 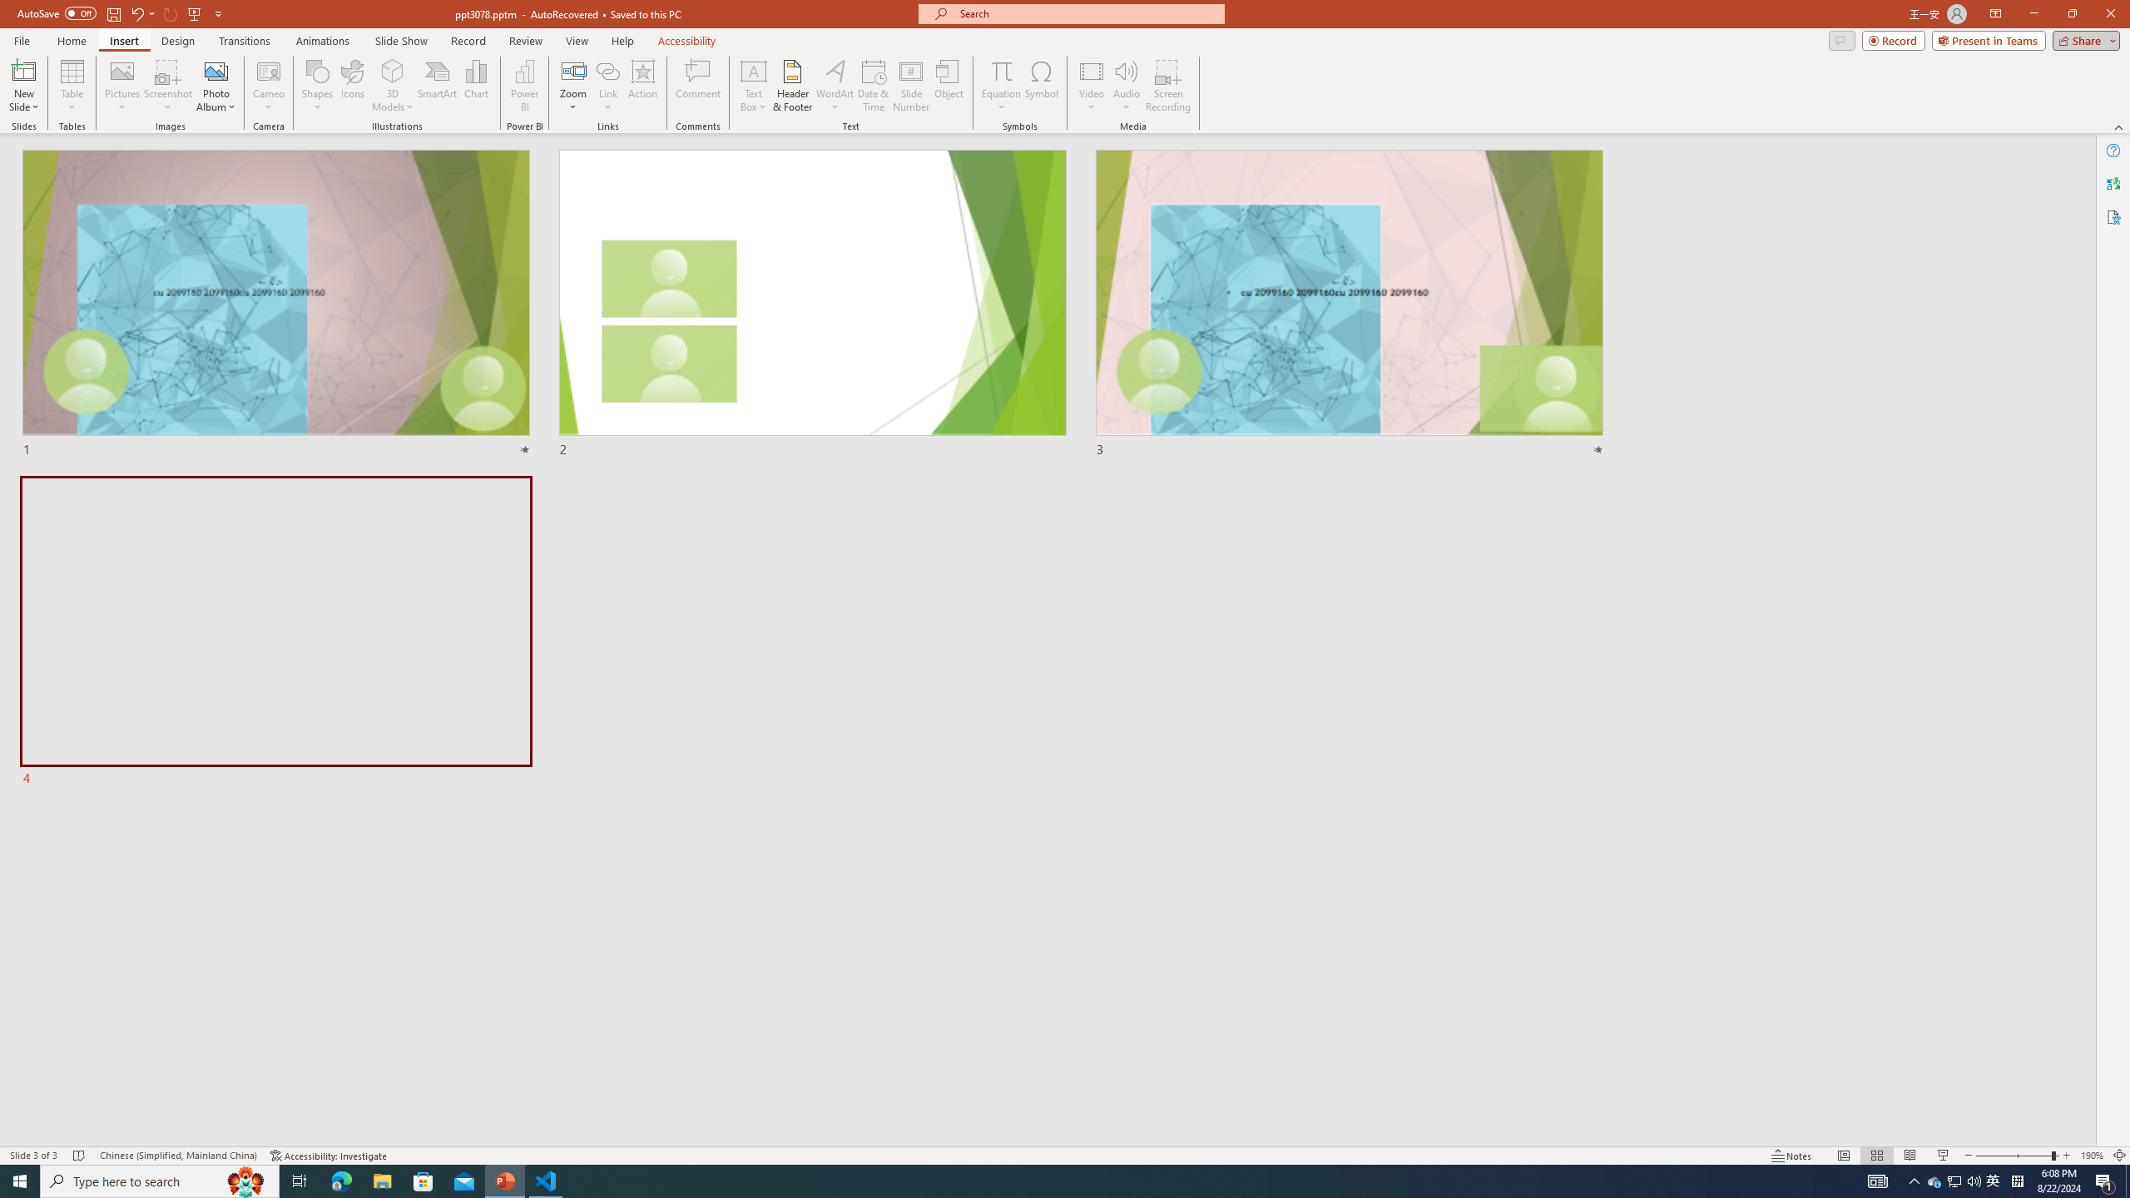 What do you see at coordinates (329, 1156) in the screenshot?
I see `'Accessibility Checker Accessibility: Investigate'` at bounding box center [329, 1156].